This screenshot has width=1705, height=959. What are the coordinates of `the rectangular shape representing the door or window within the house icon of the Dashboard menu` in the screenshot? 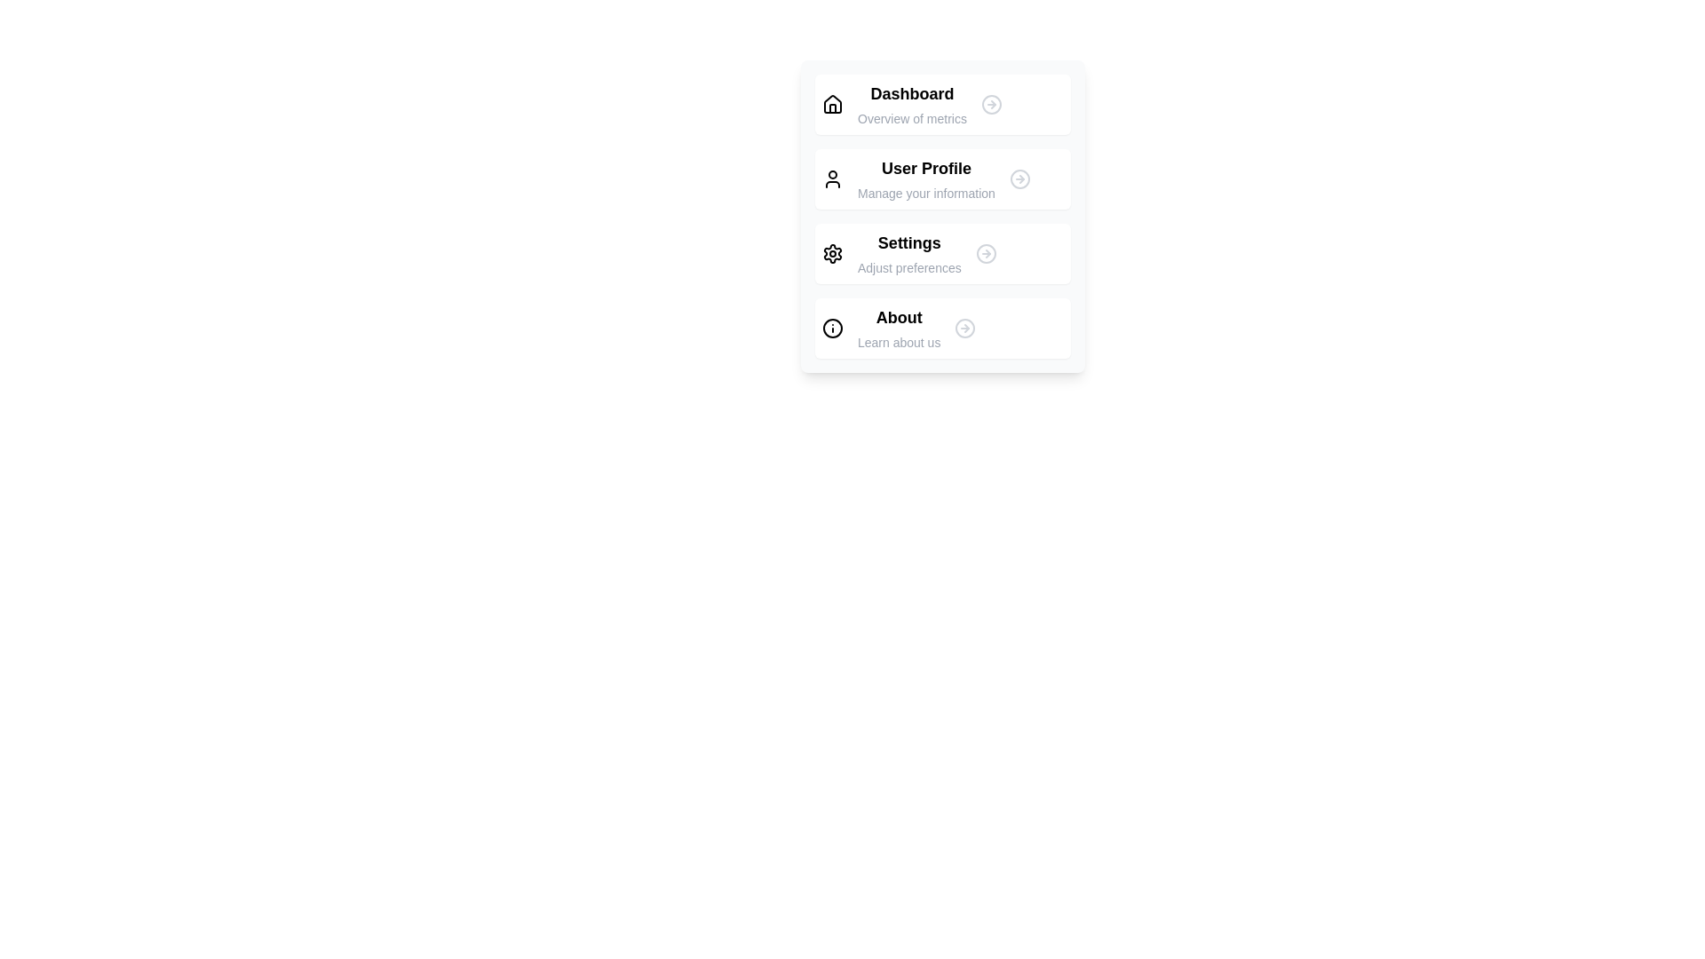 It's located at (831, 108).